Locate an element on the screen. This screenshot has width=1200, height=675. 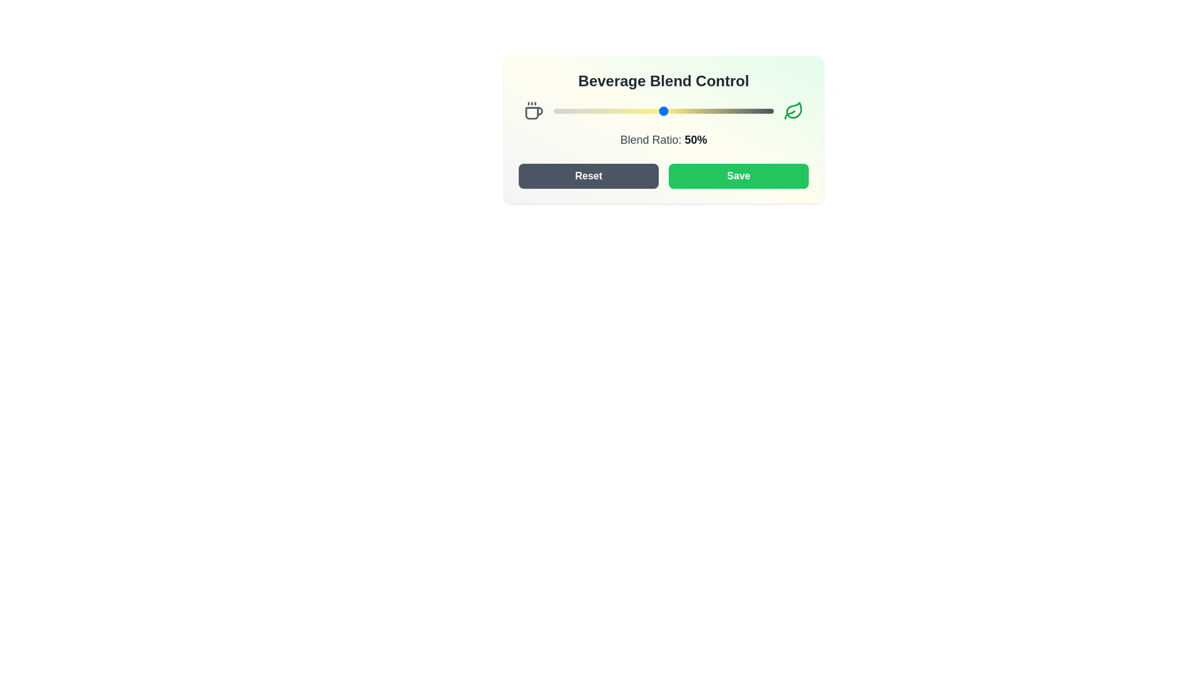
the blend ratio to 0% is located at coordinates (553, 110).